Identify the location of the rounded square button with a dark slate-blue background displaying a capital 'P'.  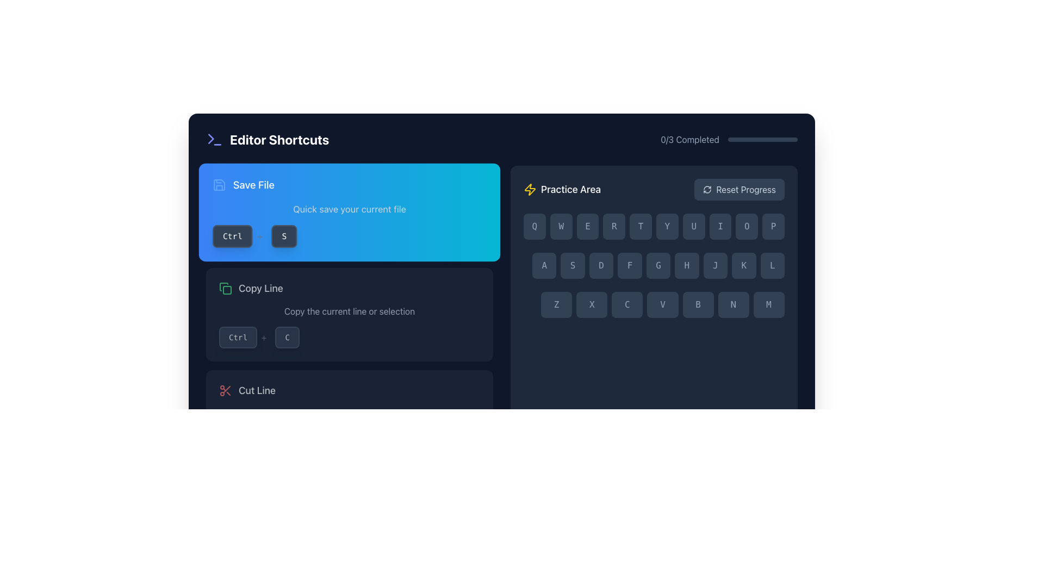
(773, 226).